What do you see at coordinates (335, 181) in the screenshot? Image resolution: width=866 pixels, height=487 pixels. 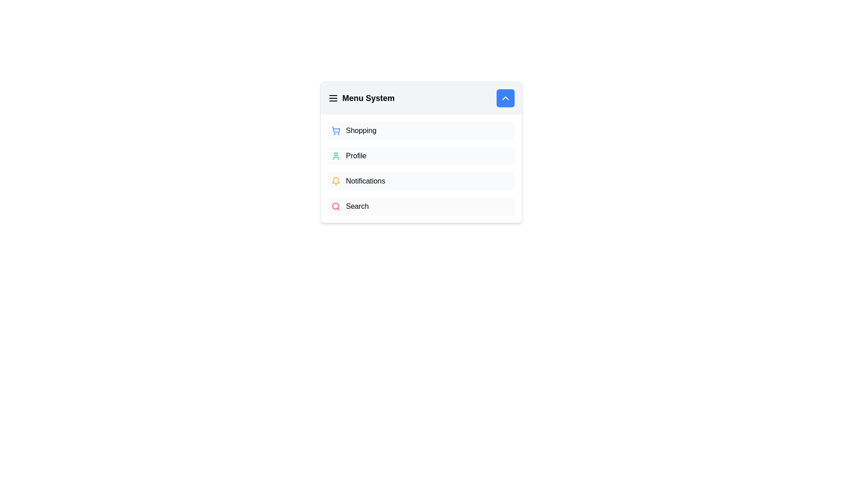 I see `the bell icon representing notifications, located within the 'Notifications' menu item, which is the third entry in the dropdown menu` at bounding box center [335, 181].